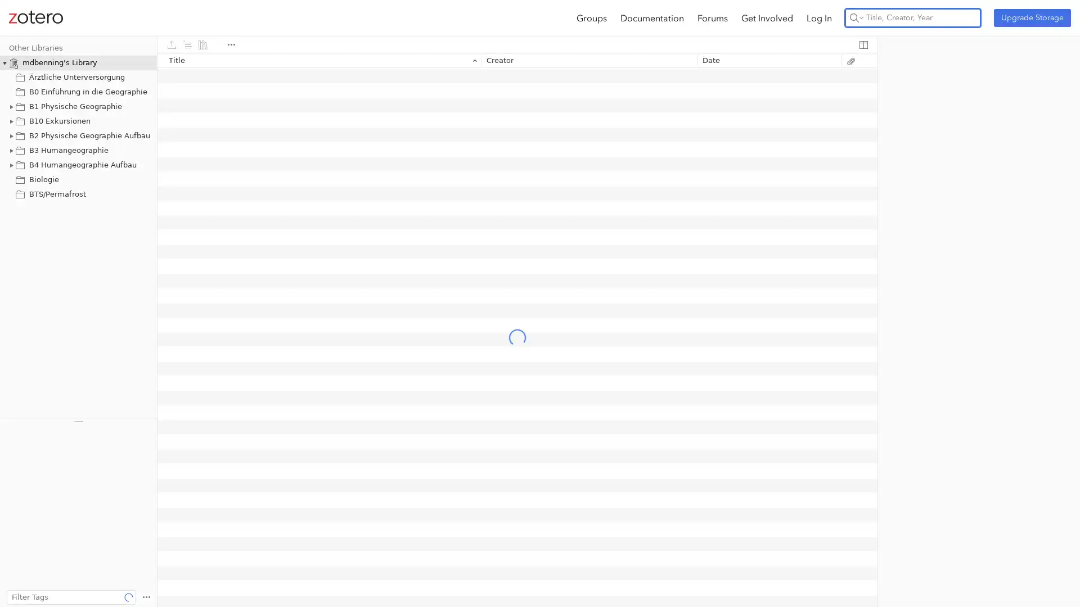 This screenshot has height=607, width=1080. I want to click on cultural landscape, so click(58, 505).